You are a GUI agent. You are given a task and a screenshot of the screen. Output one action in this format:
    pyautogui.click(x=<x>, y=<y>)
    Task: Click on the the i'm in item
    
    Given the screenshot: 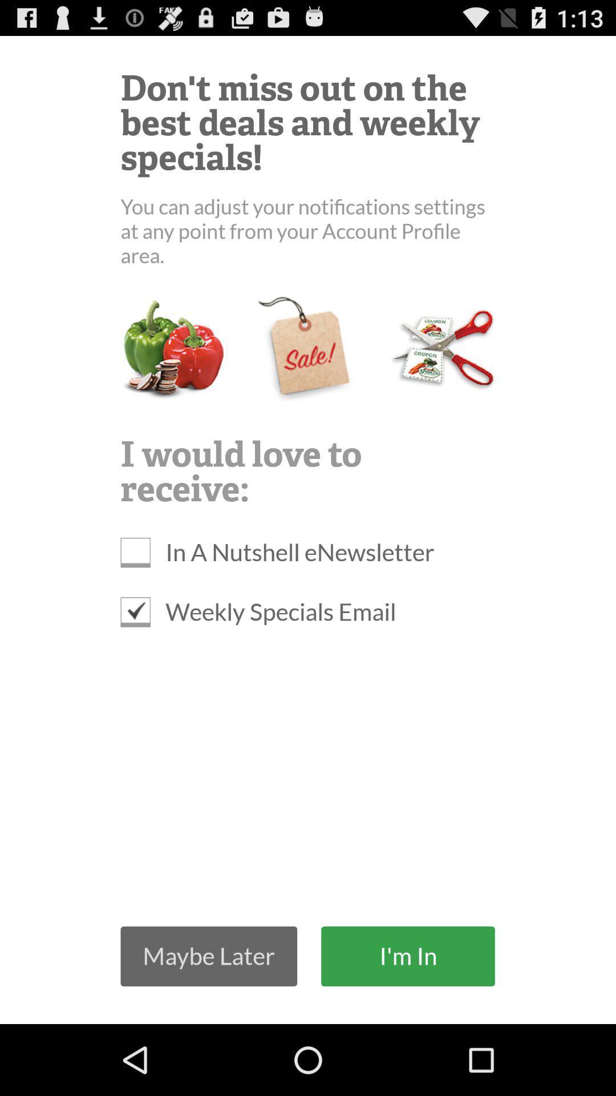 What is the action you would take?
    pyautogui.click(x=407, y=956)
    